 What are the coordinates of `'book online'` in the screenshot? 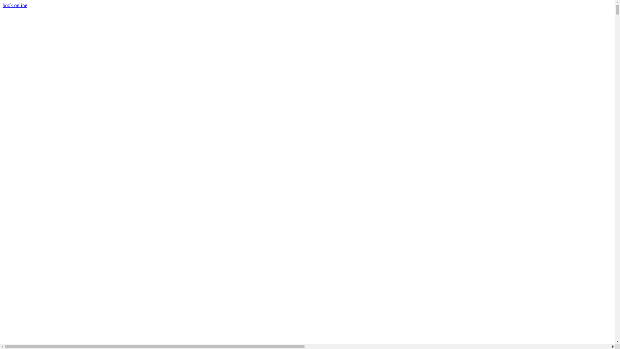 It's located at (15, 5).